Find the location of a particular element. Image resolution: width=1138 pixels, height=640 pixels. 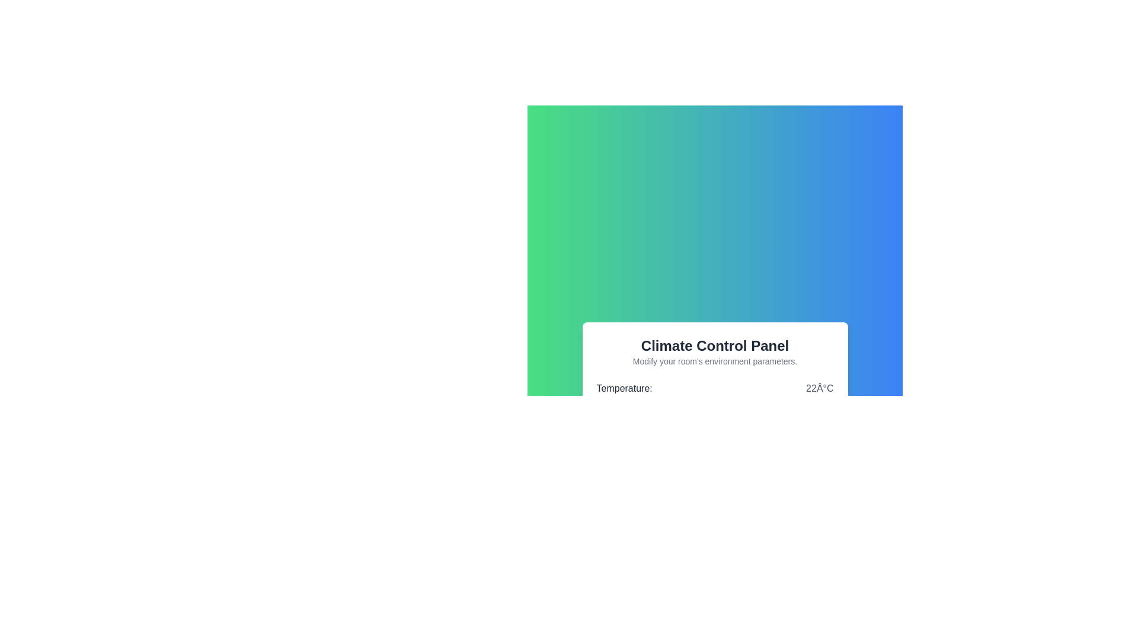

the heading or title element that serves as the title for the climate control section, positioned above the text 'Modify your room's environment parameters.' is located at coordinates (714, 345).